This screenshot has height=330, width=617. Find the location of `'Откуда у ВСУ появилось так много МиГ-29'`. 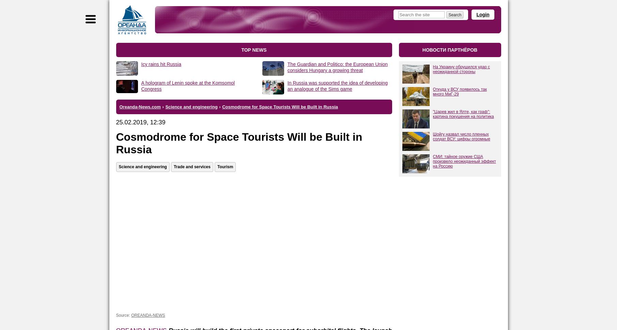

'Откуда у ВСУ появилось так много МиГ-29' is located at coordinates (459, 92).